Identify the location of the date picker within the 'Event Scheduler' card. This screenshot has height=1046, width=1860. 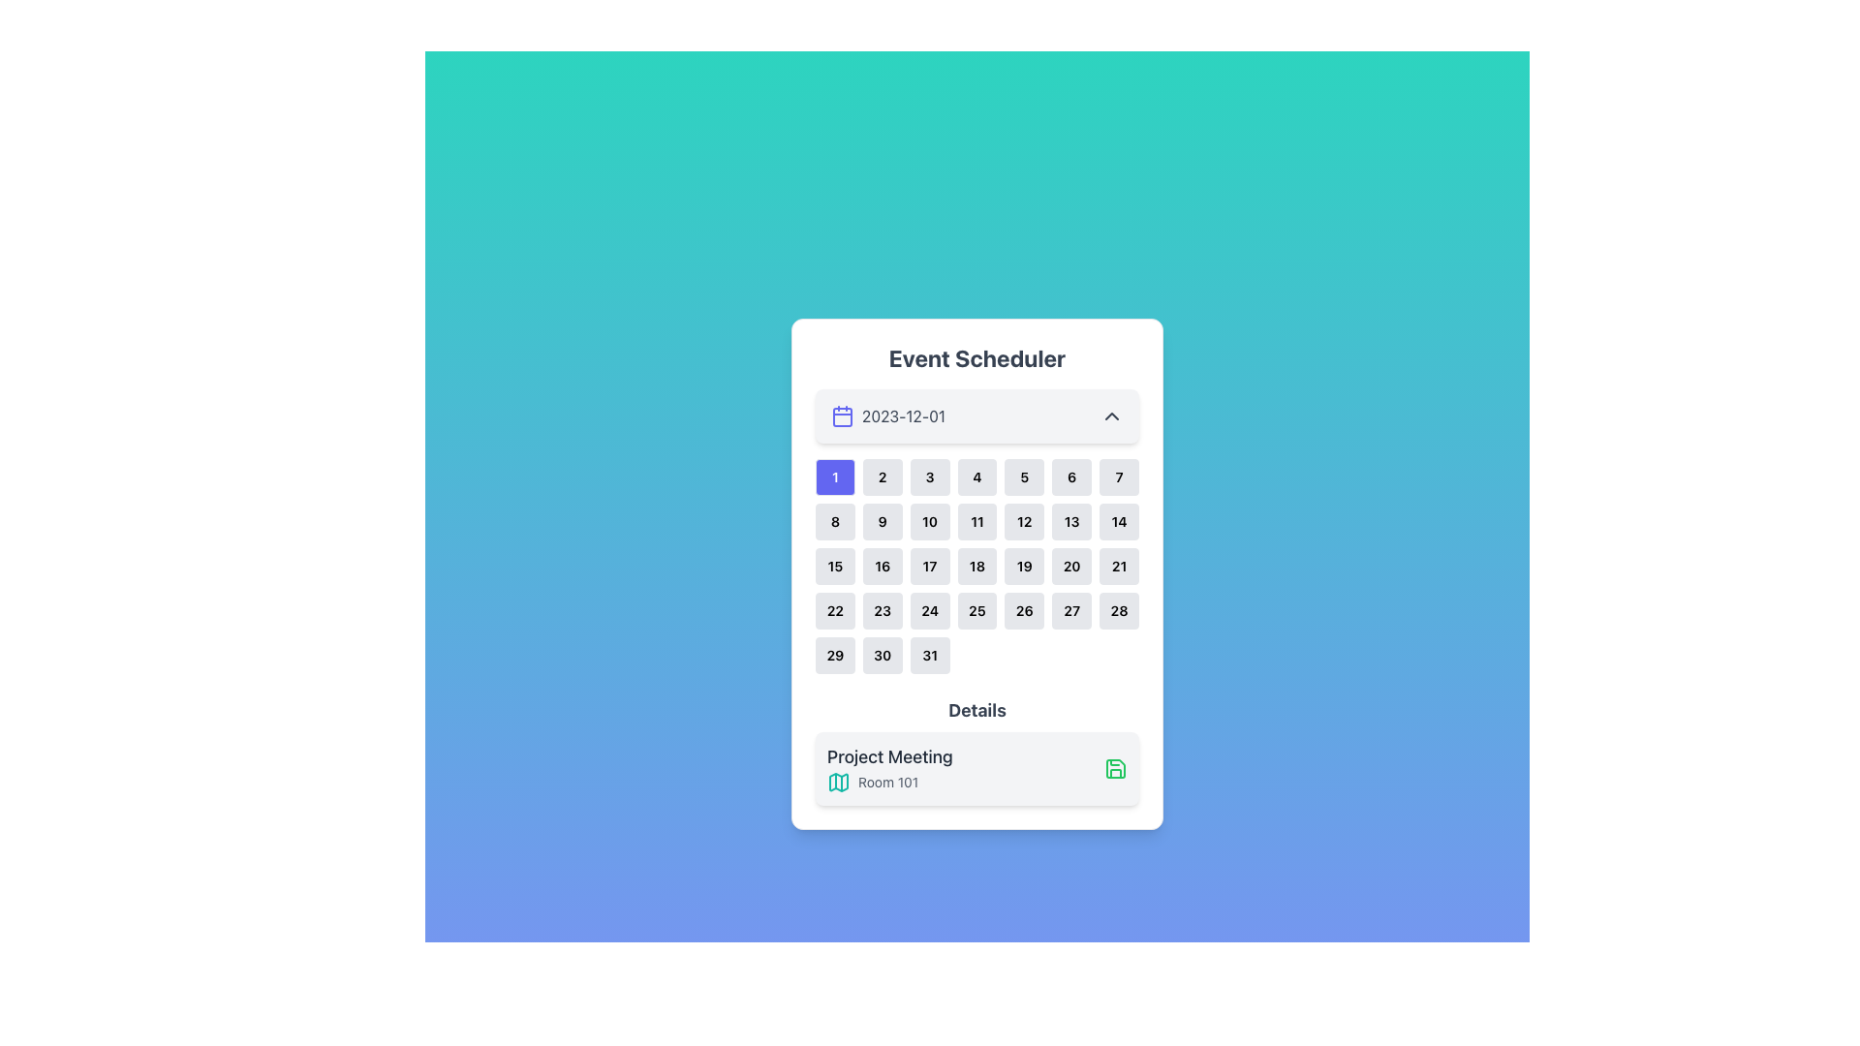
(976, 573).